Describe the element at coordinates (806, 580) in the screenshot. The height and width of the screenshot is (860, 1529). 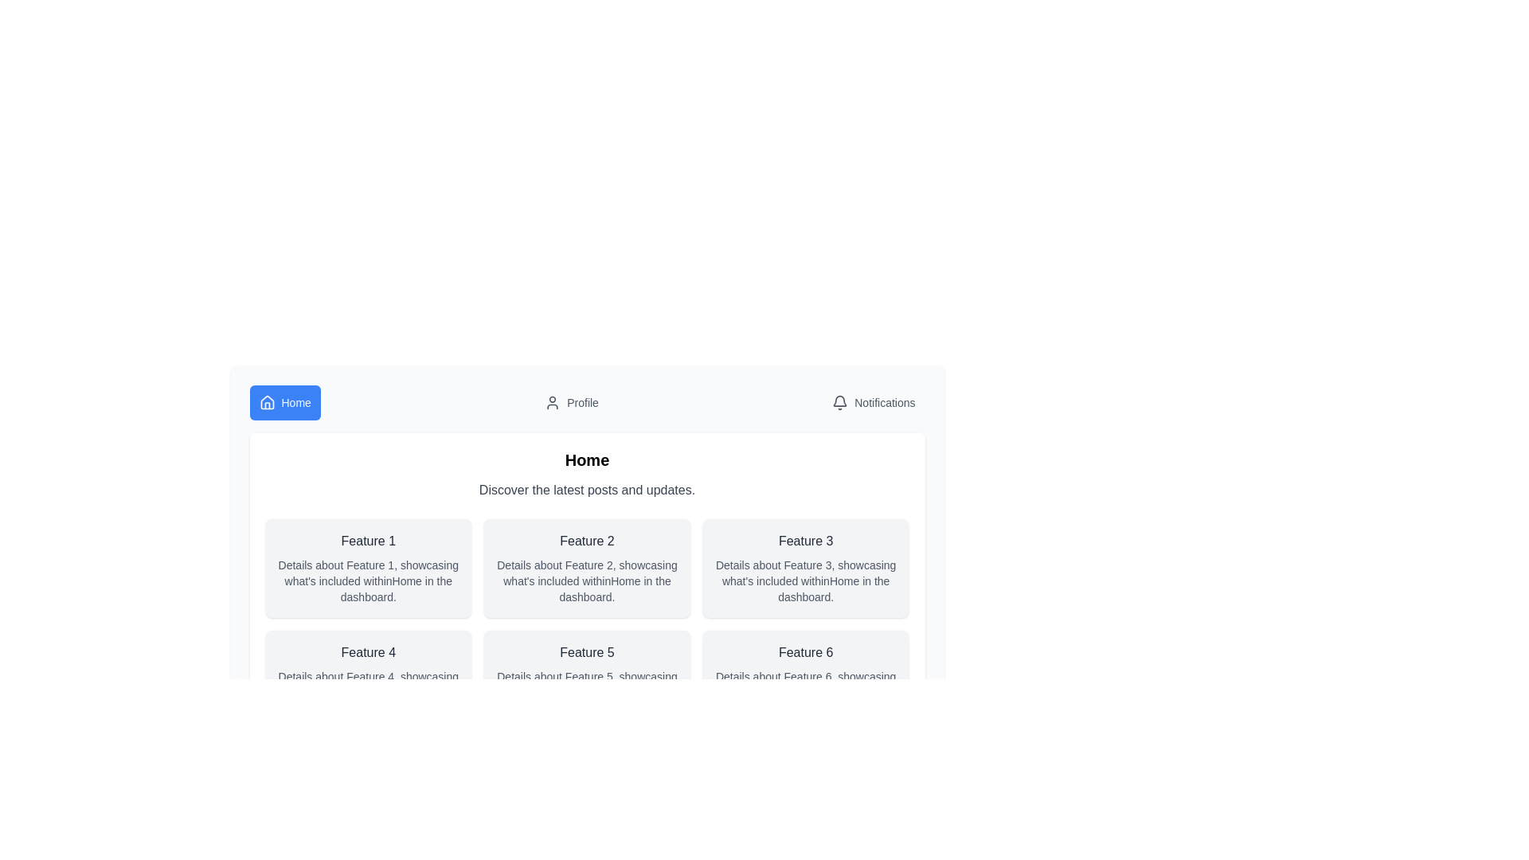
I see `descriptive text providing additional information about 'Feature 3' located in the third feature card of the grid` at that location.